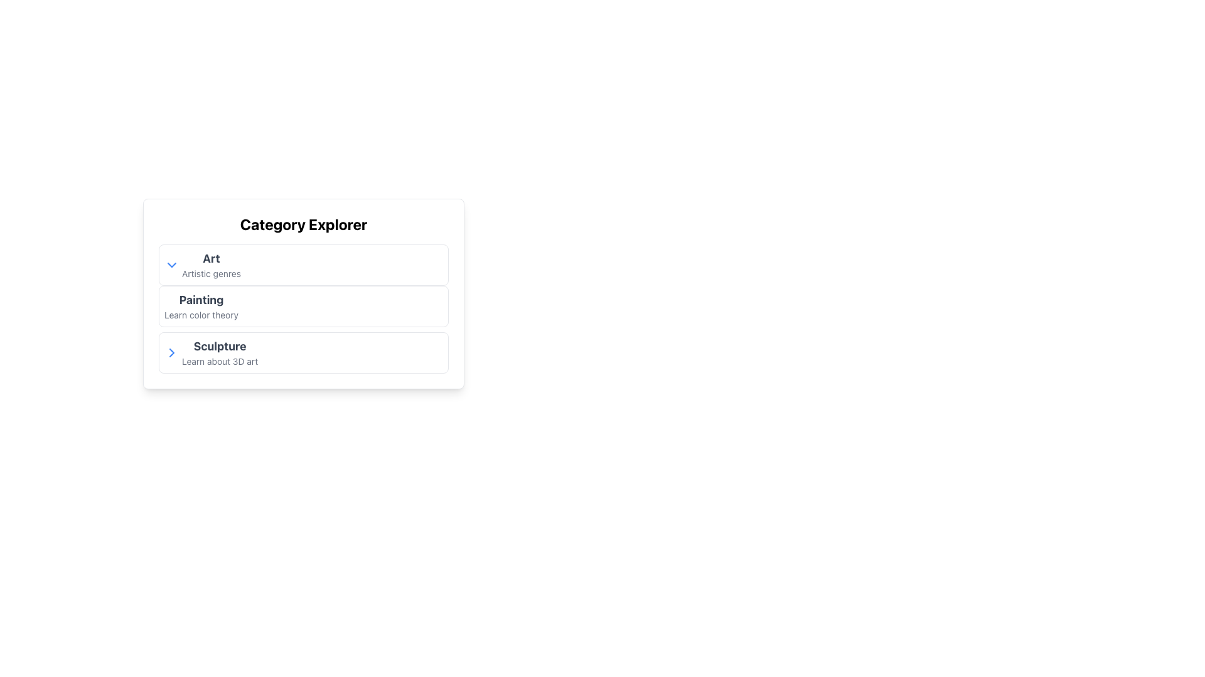 The width and height of the screenshot is (1205, 677). What do you see at coordinates (171, 353) in the screenshot?
I see `the right-pointing blue arrow icon located to the left of the text 'Sculpture'` at bounding box center [171, 353].